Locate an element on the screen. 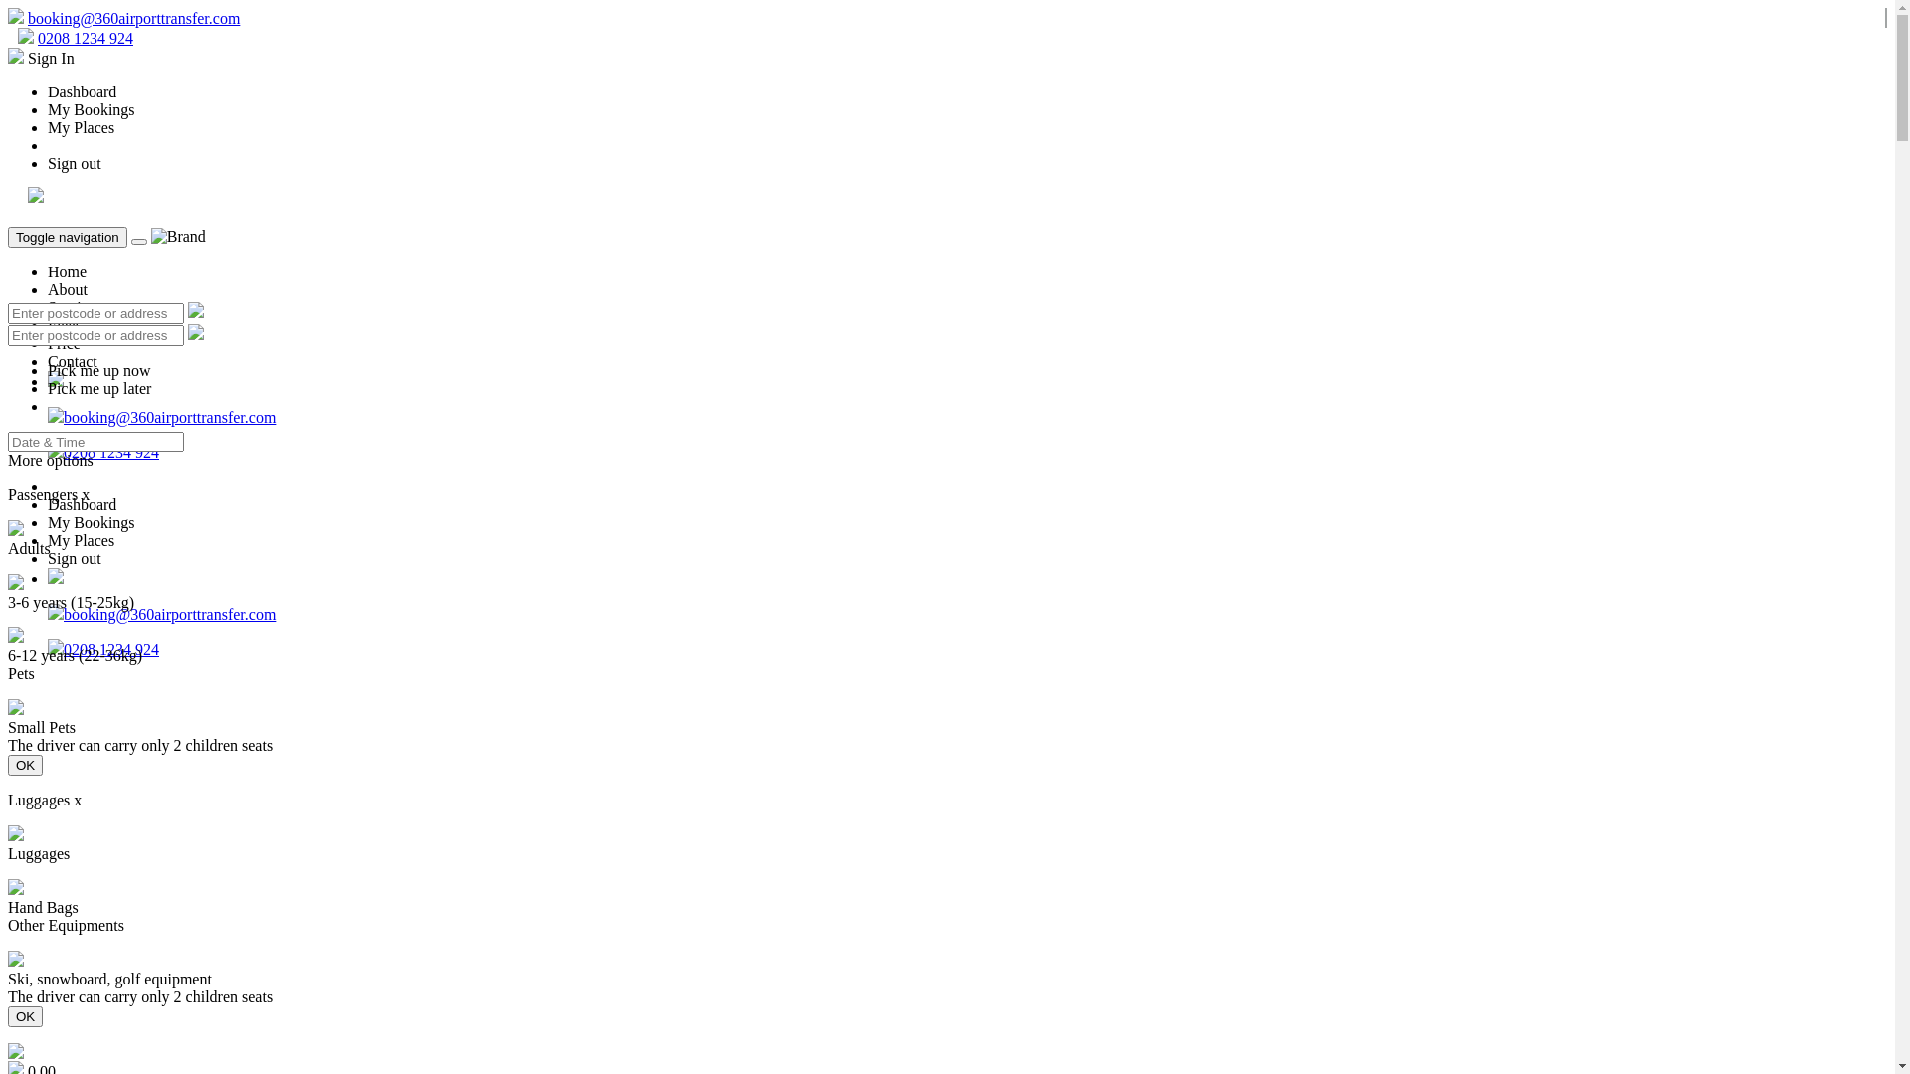 This screenshot has width=1910, height=1074. 'Toggle navigation' is located at coordinates (8, 236).